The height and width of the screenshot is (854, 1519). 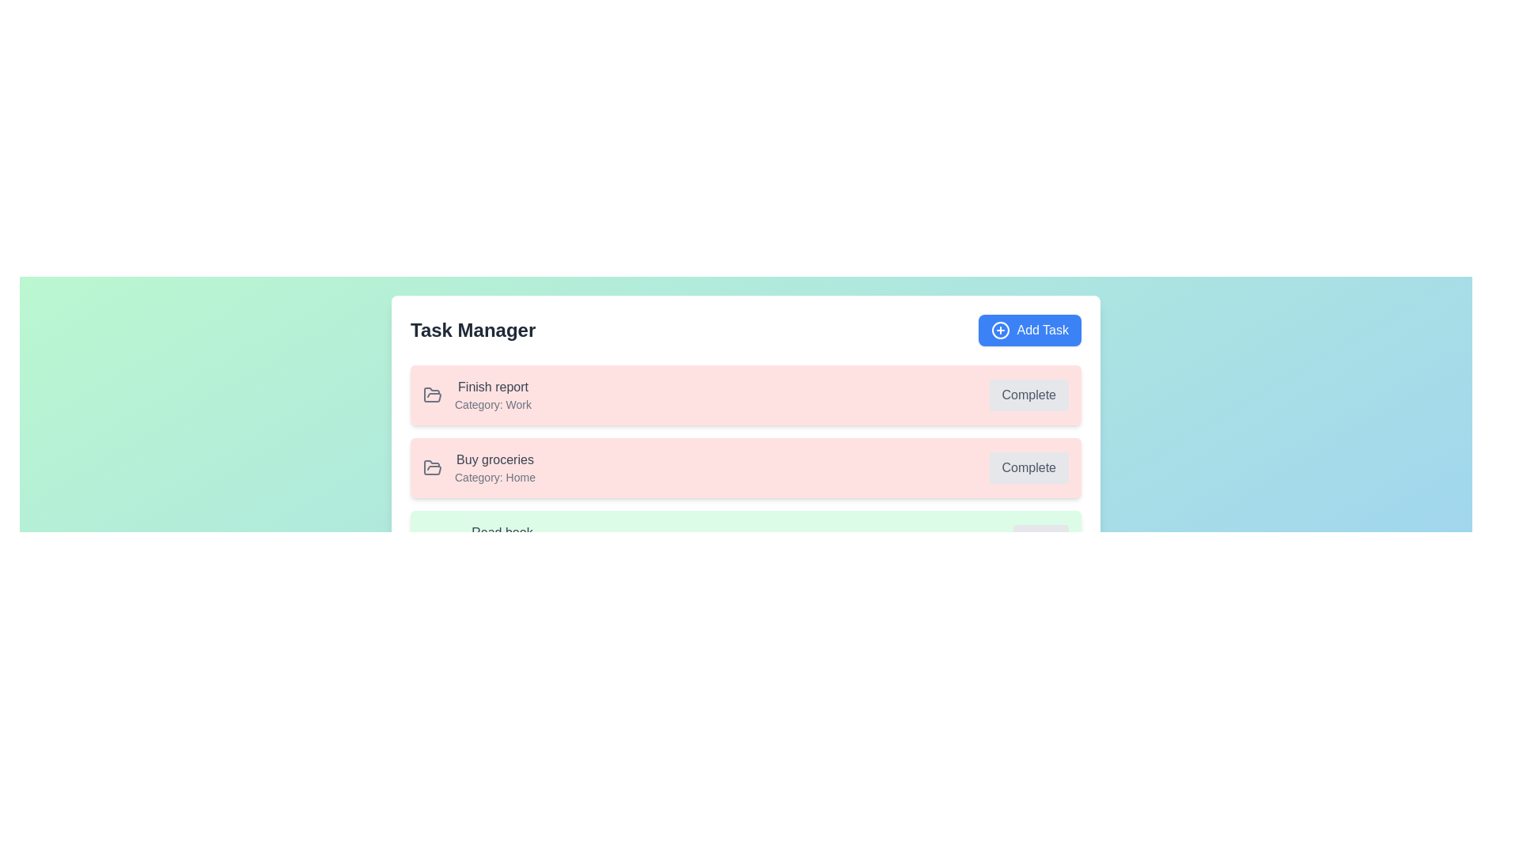 What do you see at coordinates (1028, 467) in the screenshot?
I see `the 'Completed' button for the 'Buy groceries' task located on the right side of the task card` at bounding box center [1028, 467].